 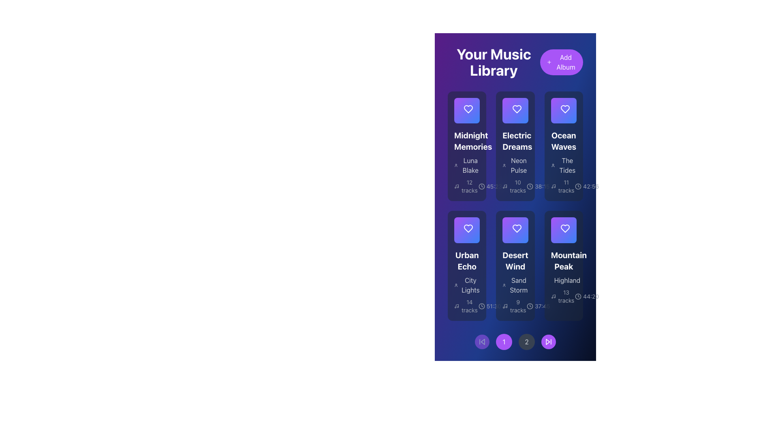 I want to click on textual information from the Text label indicating the number of tracks in the 'Mountain Peak' album, located above the duration label '44:20' in the lower portion of the card, so click(x=563, y=296).